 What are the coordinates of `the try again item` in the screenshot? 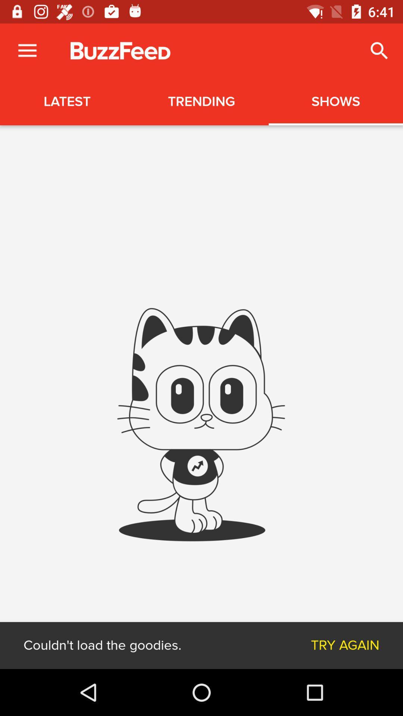 It's located at (345, 645).